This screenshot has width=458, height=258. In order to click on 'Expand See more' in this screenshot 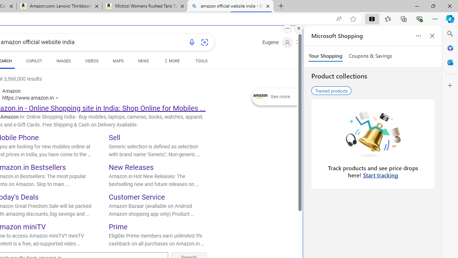, I will do `click(274, 97)`.